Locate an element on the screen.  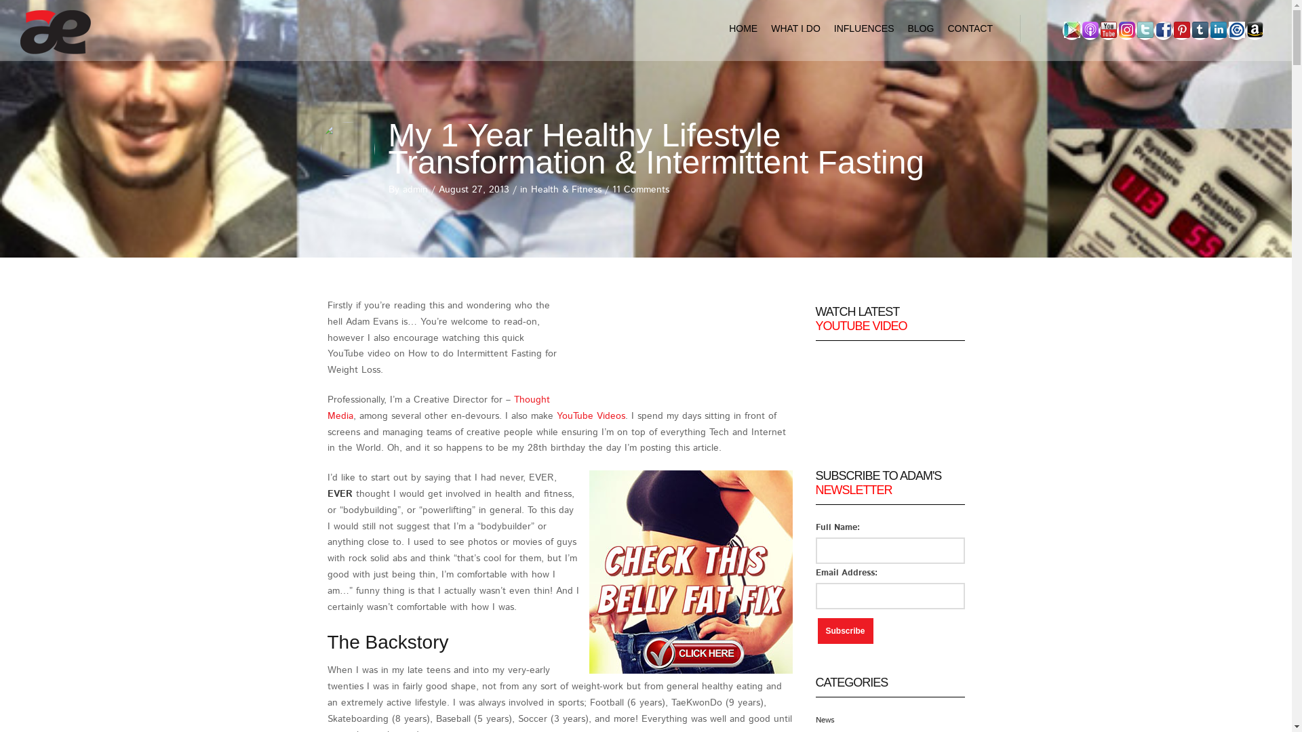
'Subscribe' is located at coordinates (845, 630).